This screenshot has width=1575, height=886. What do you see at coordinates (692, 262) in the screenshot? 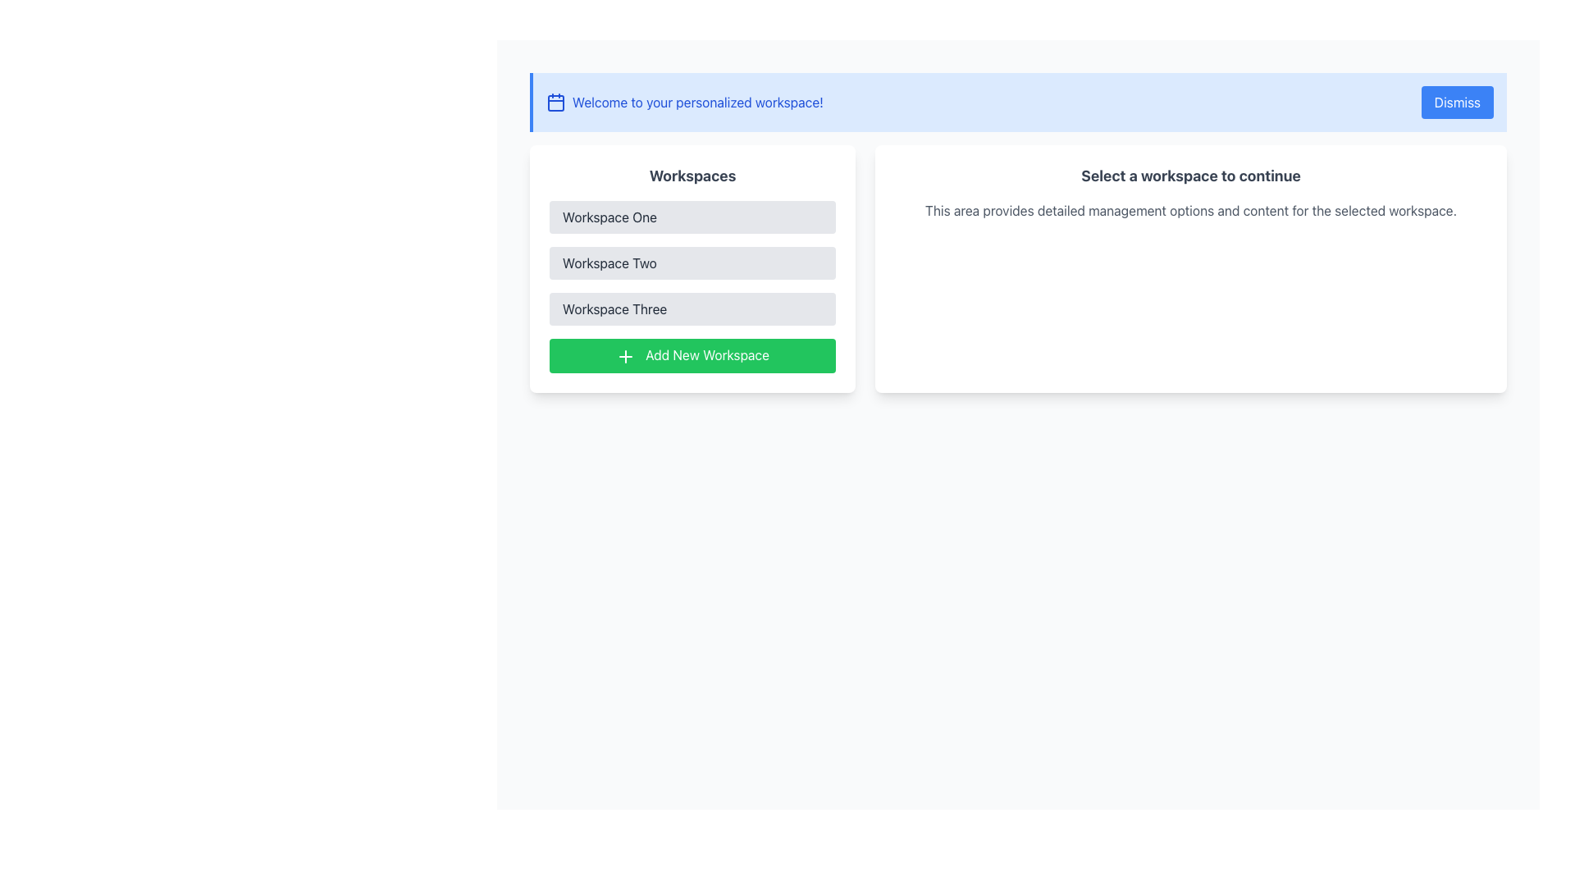
I see `to interact with the second item in the vertical list of workspaces, which is 'Workspace Two', located in the Workspaces panel` at bounding box center [692, 262].